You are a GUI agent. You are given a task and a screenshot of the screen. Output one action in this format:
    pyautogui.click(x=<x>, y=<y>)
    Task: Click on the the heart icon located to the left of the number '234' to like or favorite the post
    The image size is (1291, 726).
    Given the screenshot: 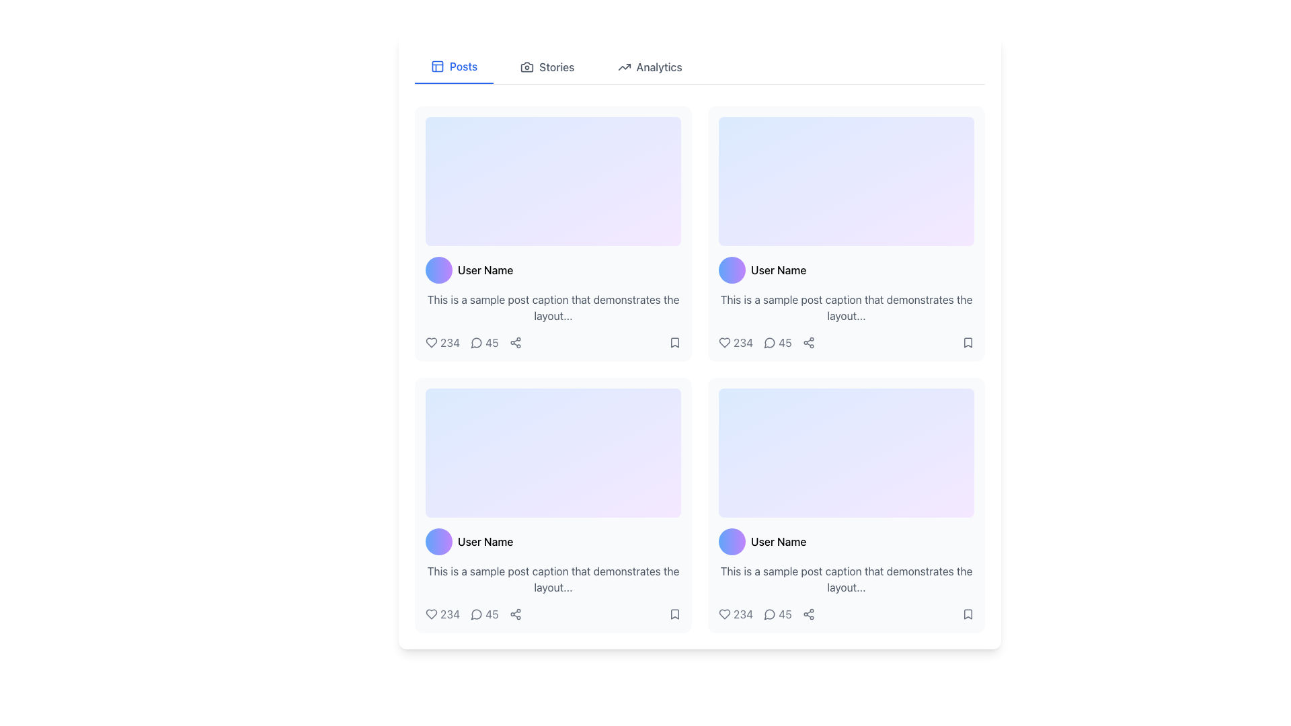 What is the action you would take?
    pyautogui.click(x=432, y=341)
    